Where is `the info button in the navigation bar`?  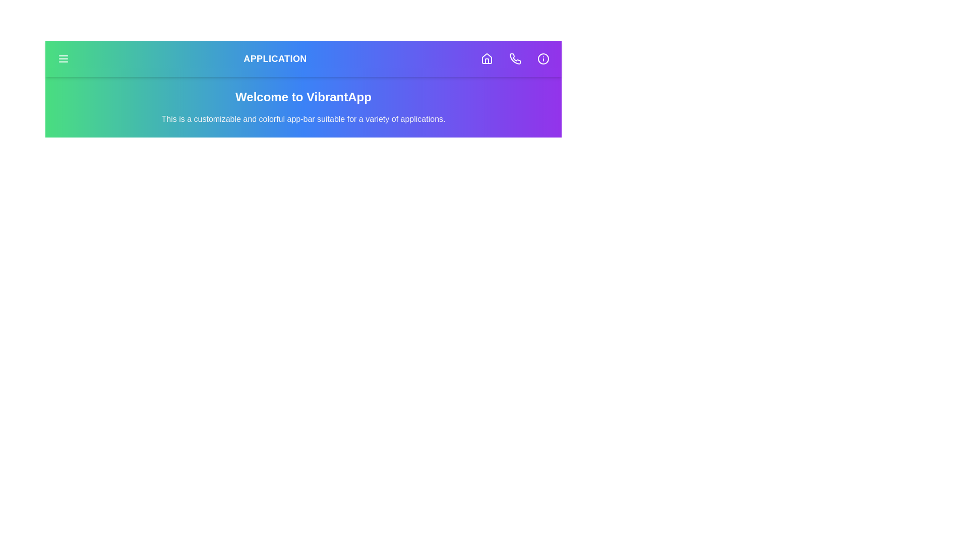
the info button in the navigation bar is located at coordinates (543, 58).